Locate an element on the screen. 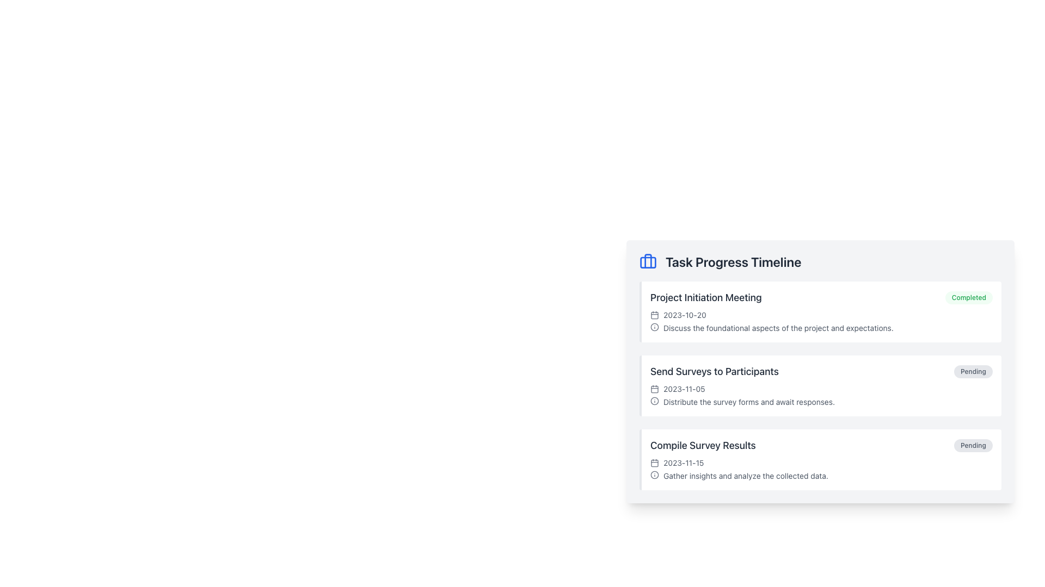 The width and height of the screenshot is (1045, 587). the 'Pending' label/badge, which is a small rounded rectangle with a light gray background and dark gray text, located at the end of the text row titled 'Send Surveys to Participants' in the 'Task Progress Timeline' section is located at coordinates (973, 371).